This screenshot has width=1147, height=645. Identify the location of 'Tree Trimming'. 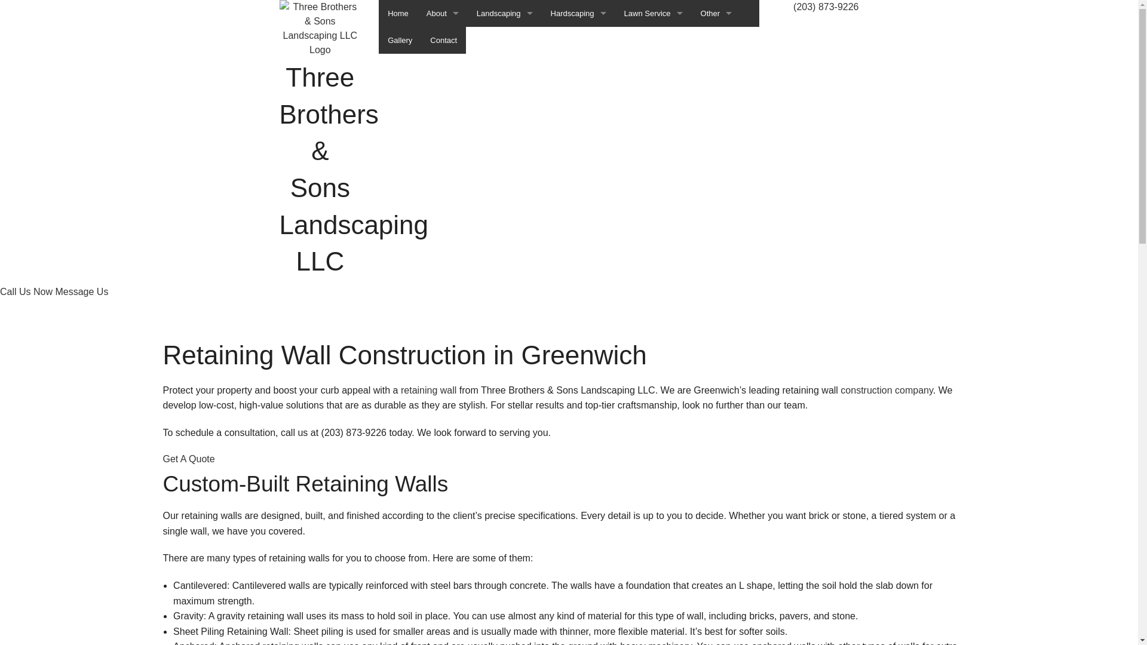
(691, 362).